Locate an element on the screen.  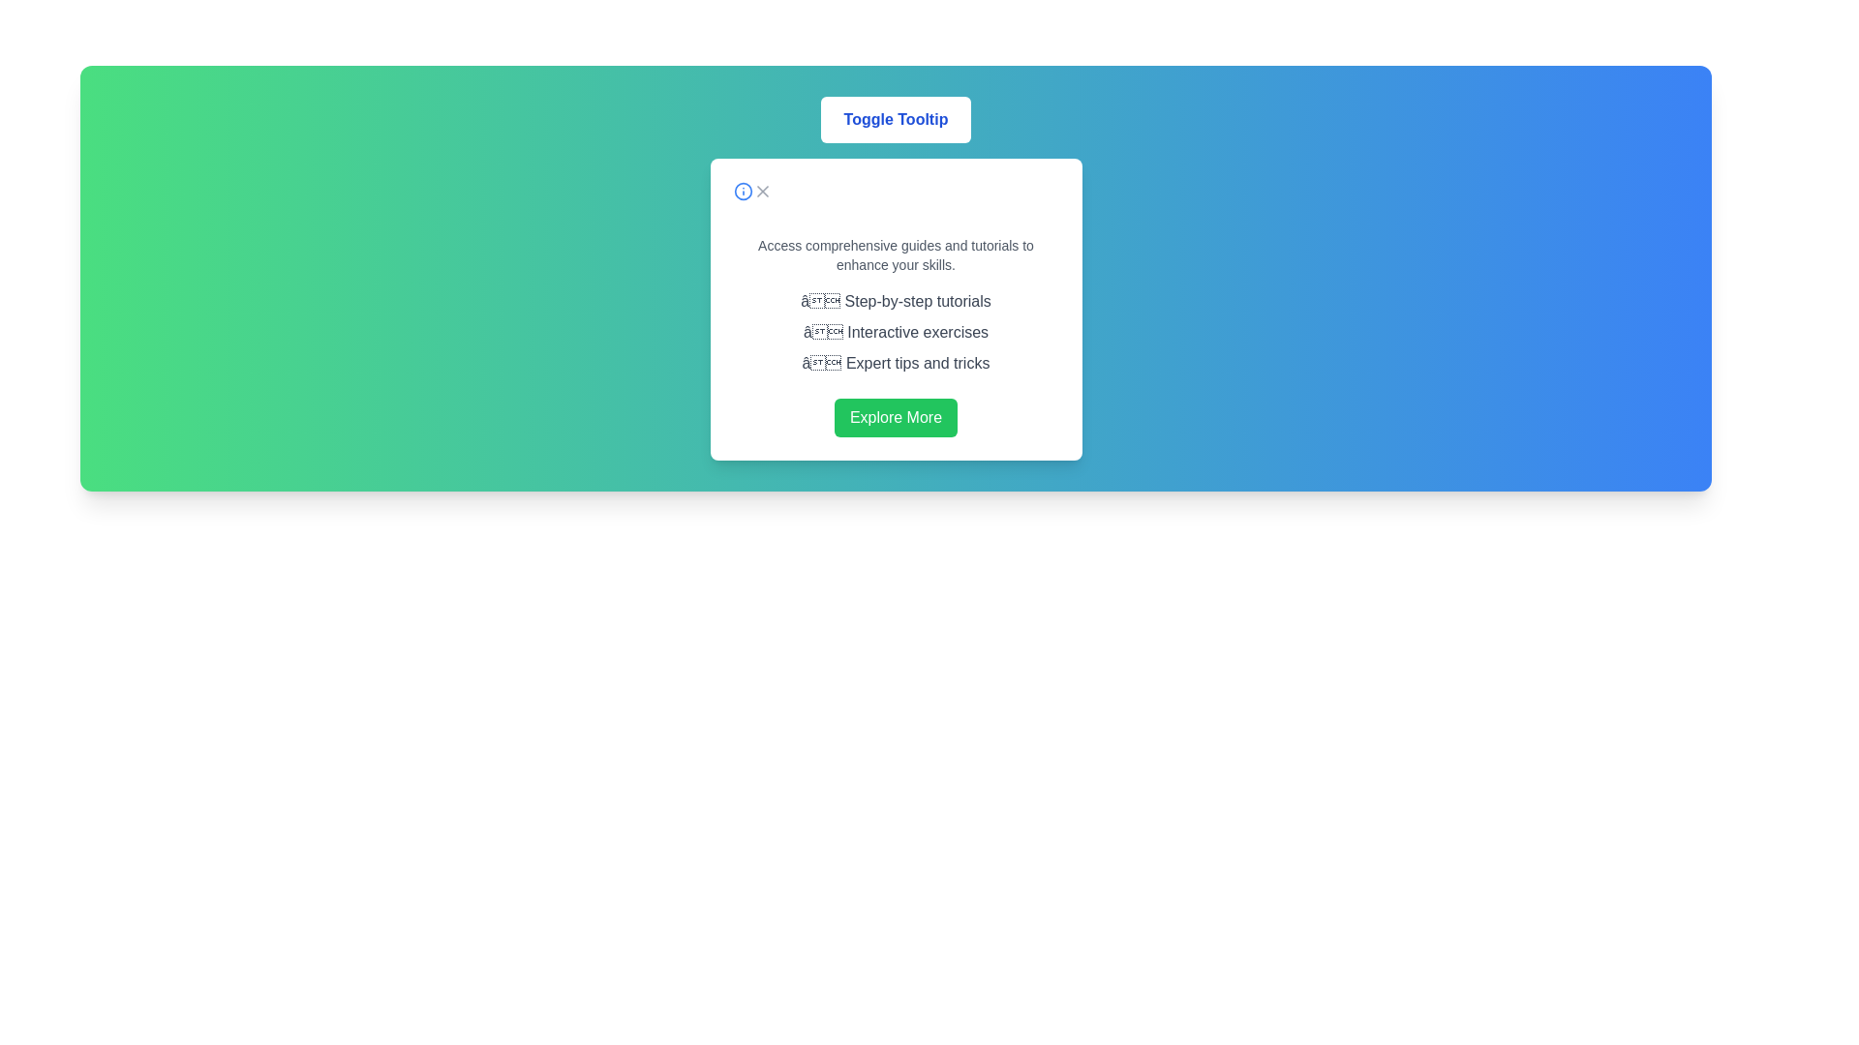
the text item reading '✔ Interactive exercises', which is the second item in a vertical bullet list inside a white pop-up card is located at coordinates (895, 331).